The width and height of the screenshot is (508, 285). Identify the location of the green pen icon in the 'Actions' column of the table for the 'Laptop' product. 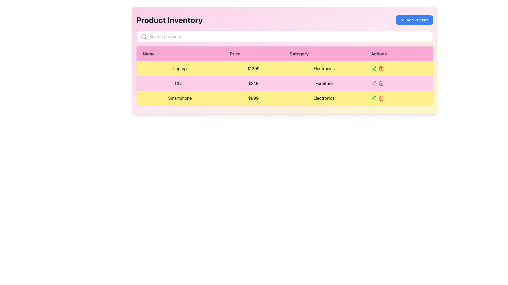
(373, 68).